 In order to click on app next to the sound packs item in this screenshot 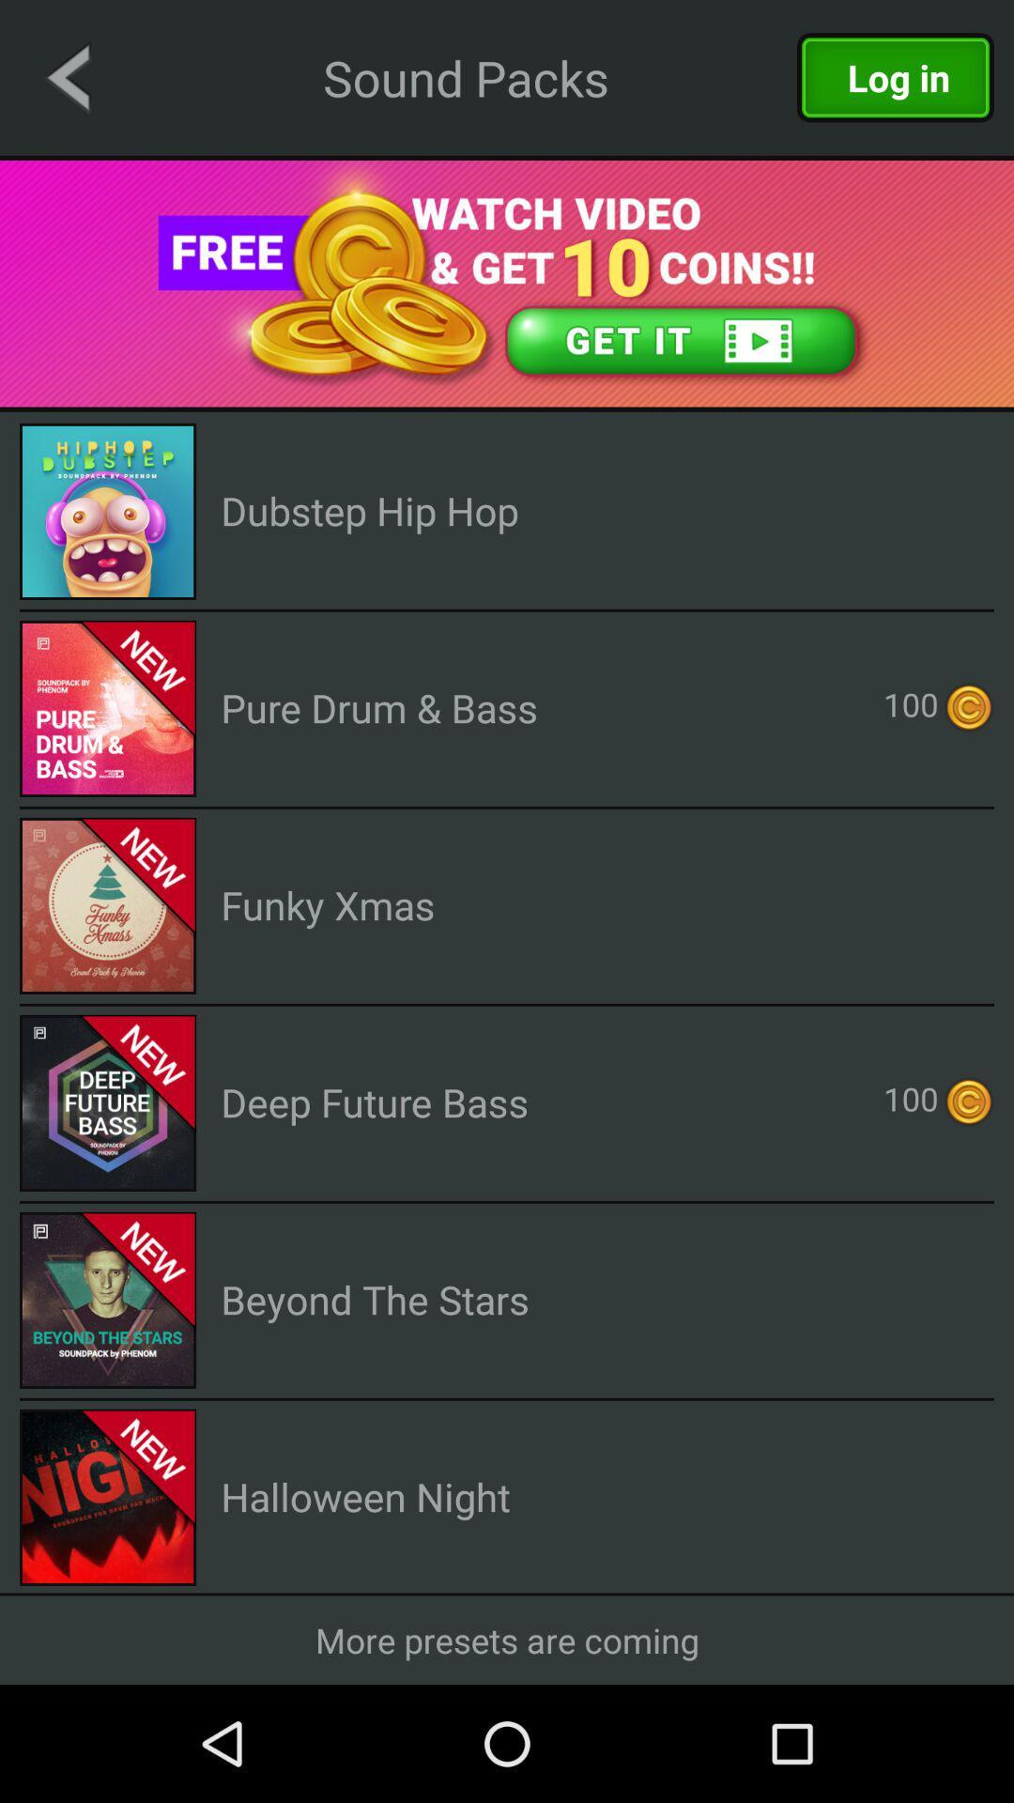, I will do `click(67, 76)`.